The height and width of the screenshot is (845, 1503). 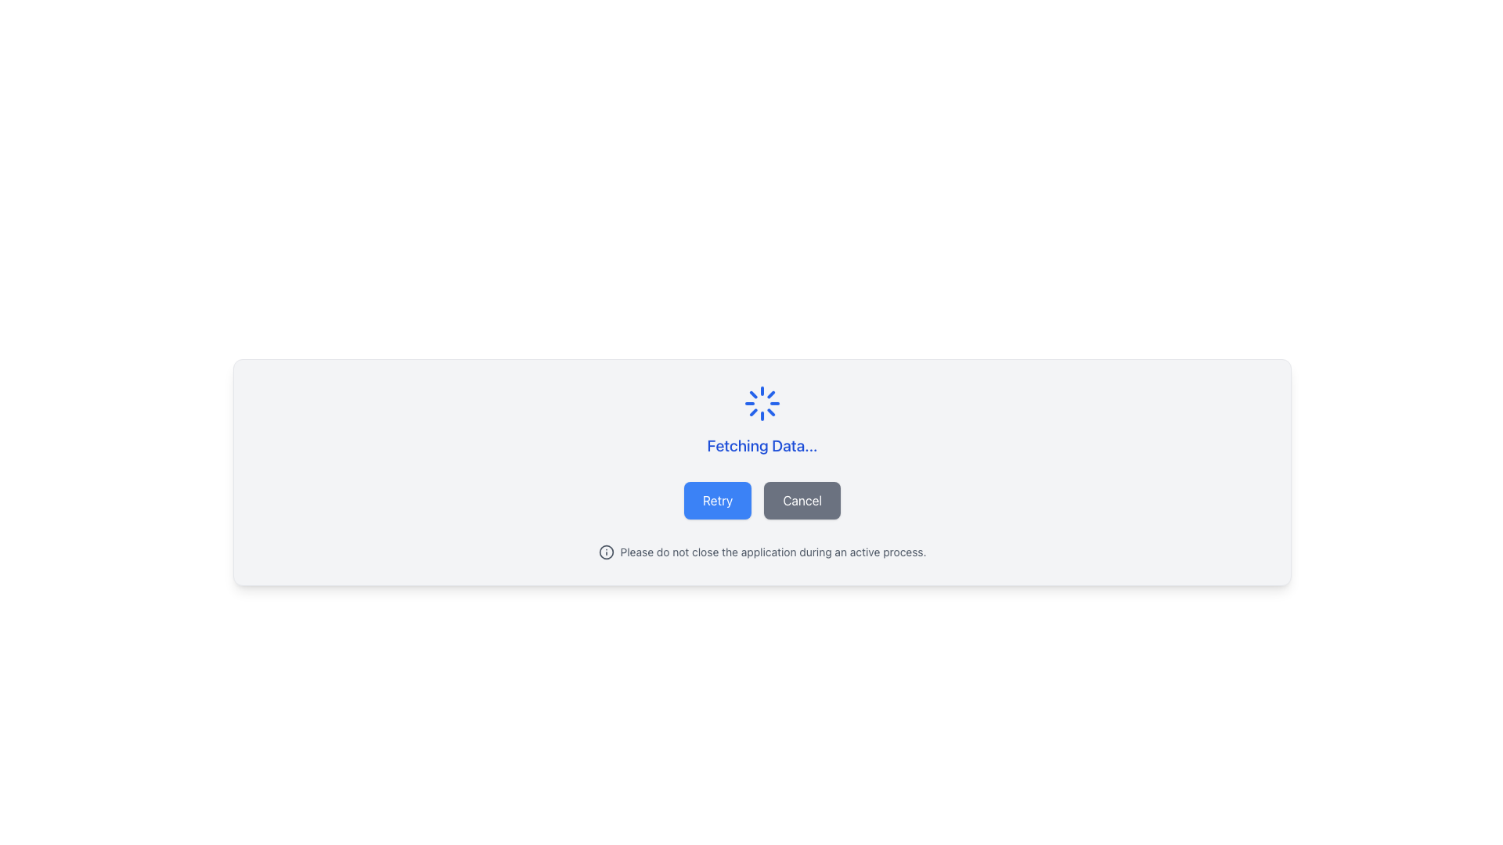 What do you see at coordinates (762, 403) in the screenshot?
I see `the blue circular loading spinner located above the text 'Fetching Data...'` at bounding box center [762, 403].